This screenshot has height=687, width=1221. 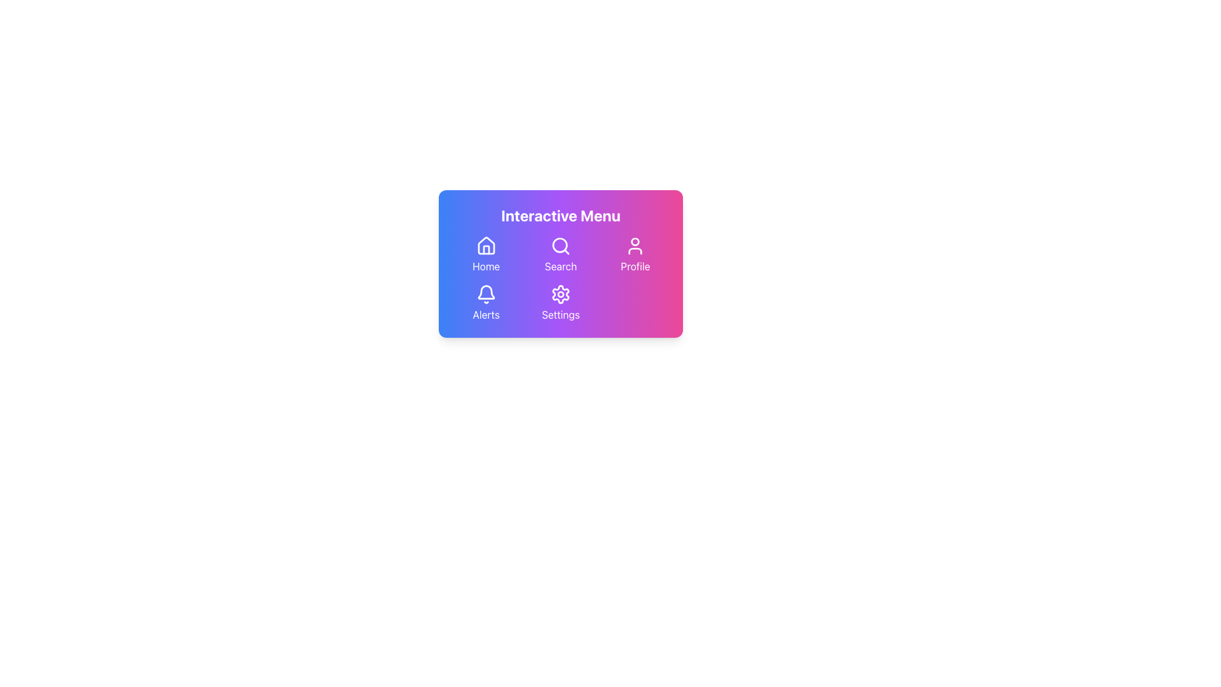 What do you see at coordinates (560, 266) in the screenshot?
I see `the 'Search' text label, which is displayed in white font below the search icon on a gradient card background` at bounding box center [560, 266].